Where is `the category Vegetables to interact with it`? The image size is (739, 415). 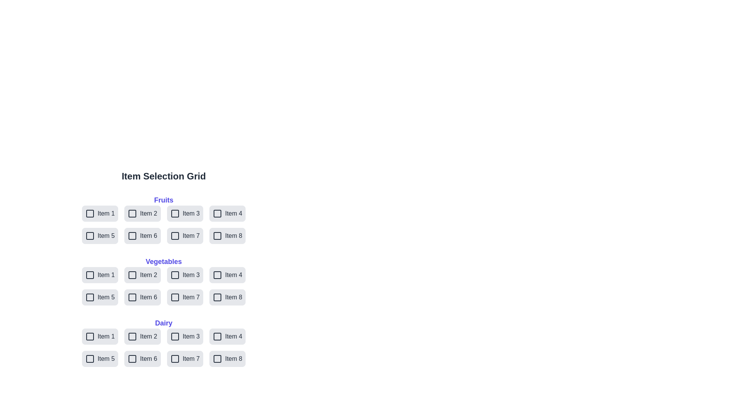 the category Vegetables to interact with it is located at coordinates (163, 261).